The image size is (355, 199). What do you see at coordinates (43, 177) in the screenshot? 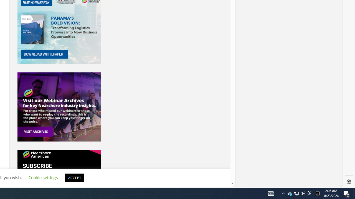
I see `'Cookie settings'` at bounding box center [43, 177].